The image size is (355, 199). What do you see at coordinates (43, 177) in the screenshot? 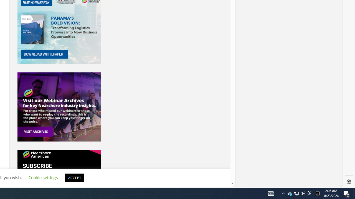
I see `'Cookie settings'` at bounding box center [43, 177].